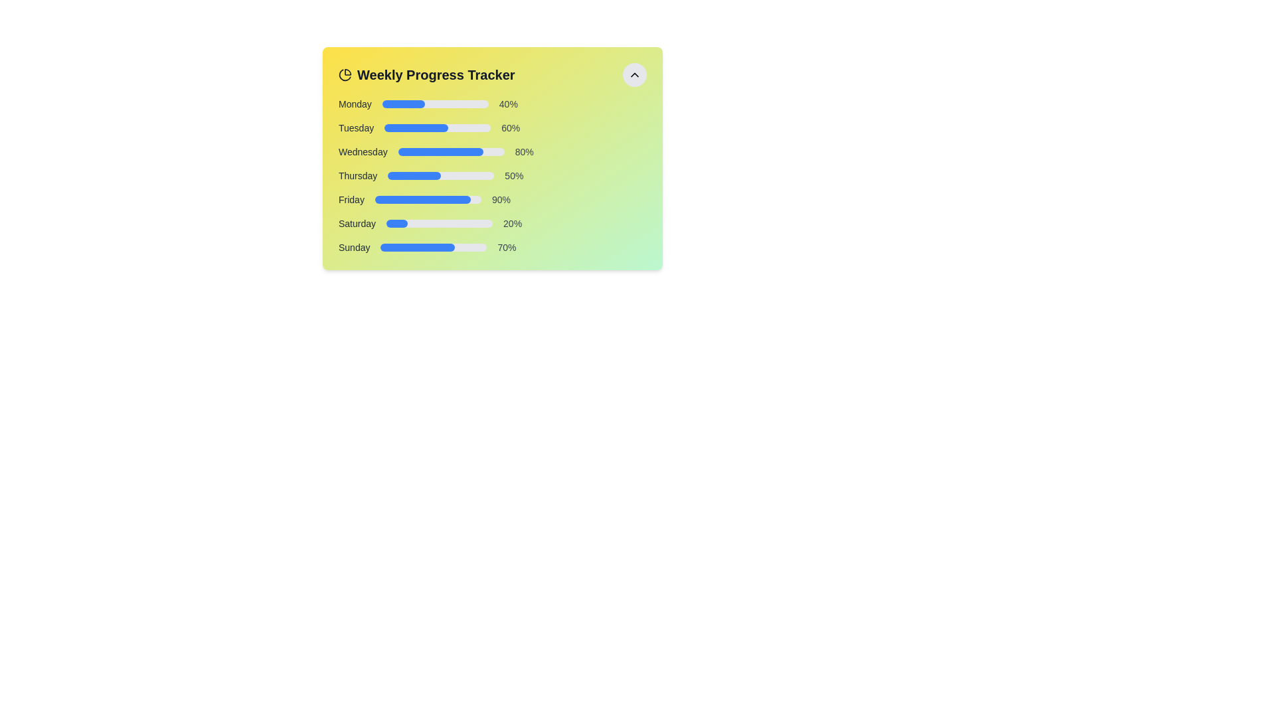 The image size is (1275, 717). I want to click on the purpose of the weekly progress tracking section, so click(492, 74).